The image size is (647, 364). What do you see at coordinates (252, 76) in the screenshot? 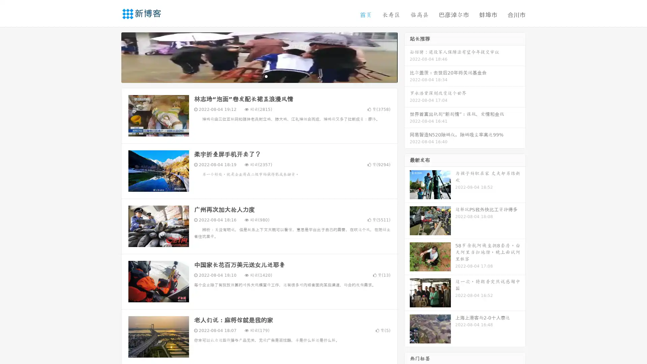
I see `Go to slide 1` at bounding box center [252, 76].